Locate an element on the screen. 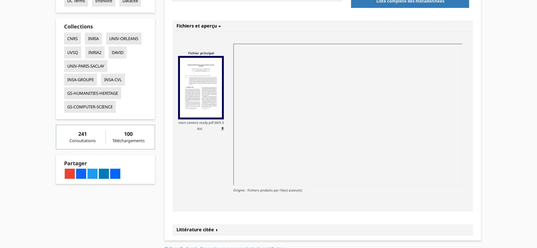  'Fichiers et aperçu' is located at coordinates (196, 25).